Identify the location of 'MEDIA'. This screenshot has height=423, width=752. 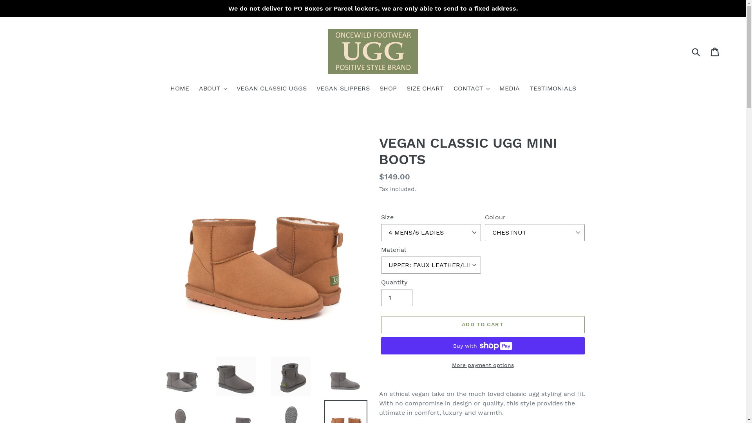
(509, 89).